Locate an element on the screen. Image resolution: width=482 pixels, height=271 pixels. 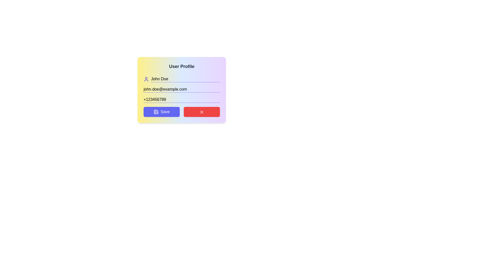
the save button located on the left side of the options at the bottom of the user profile card is located at coordinates (165, 112).